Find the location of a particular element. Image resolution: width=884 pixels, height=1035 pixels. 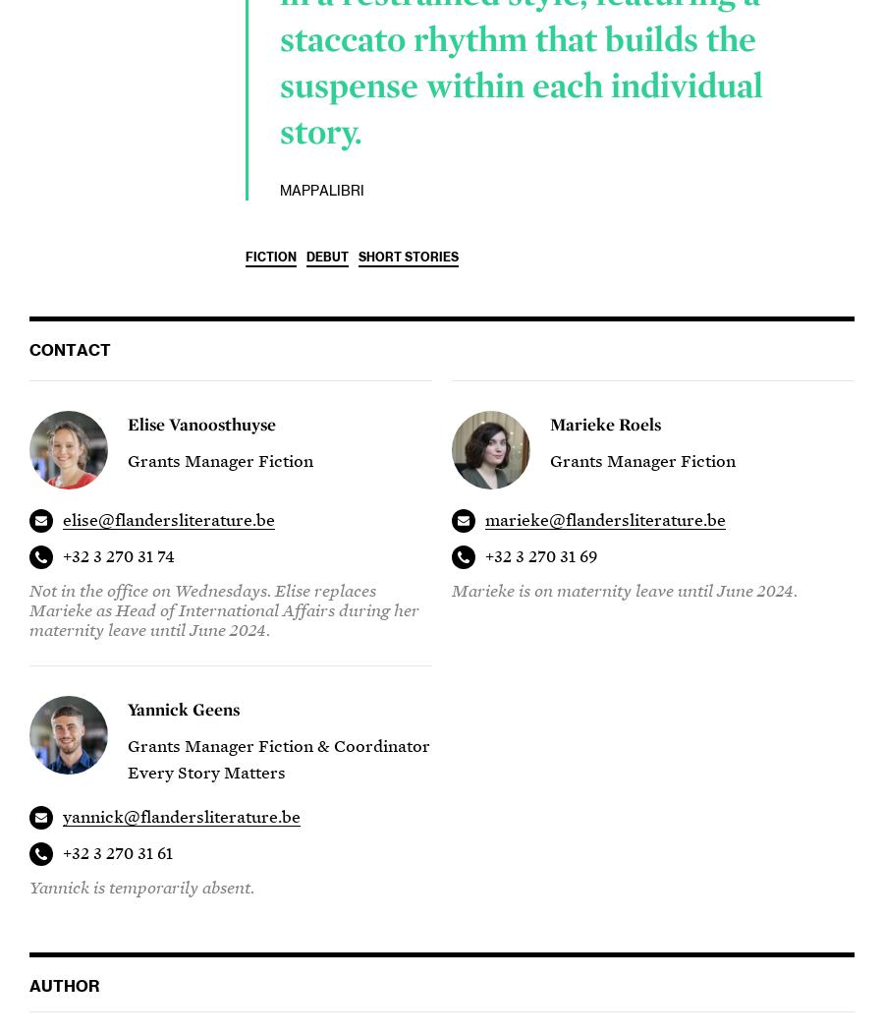

'Fiction' is located at coordinates (270, 256).